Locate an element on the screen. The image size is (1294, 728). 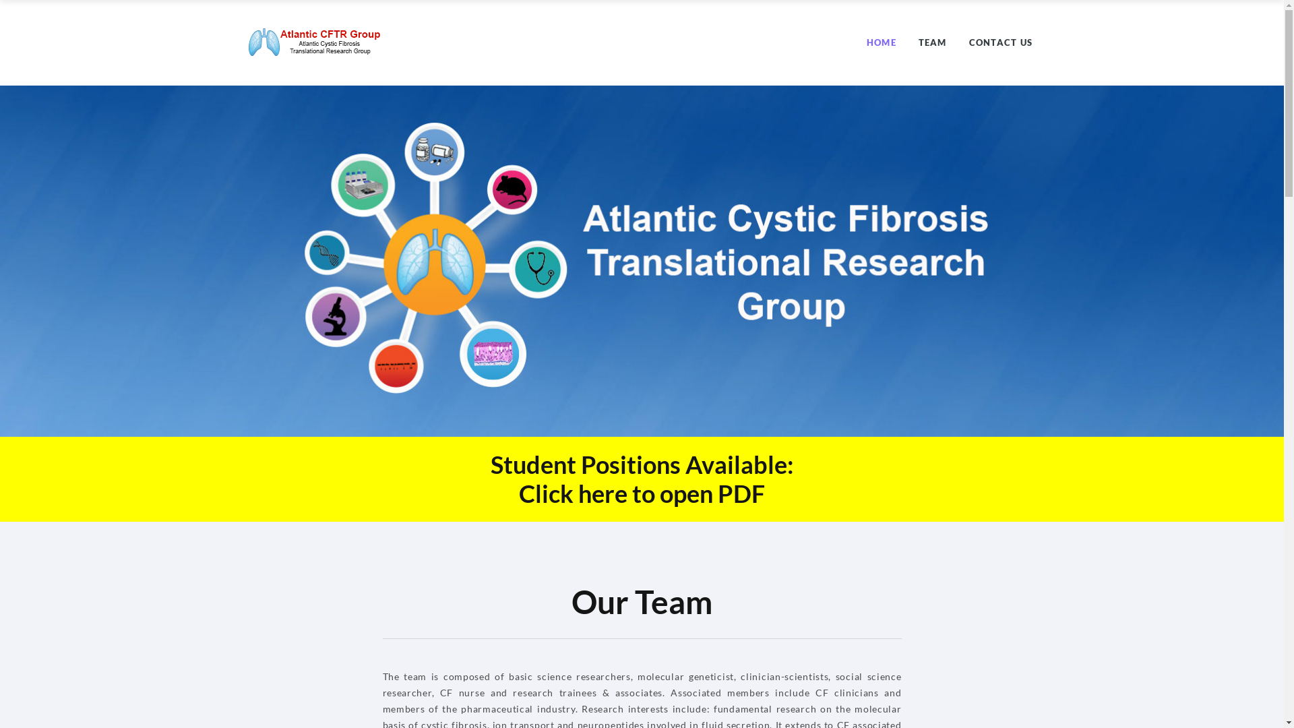
'TEAM' is located at coordinates (931, 41).